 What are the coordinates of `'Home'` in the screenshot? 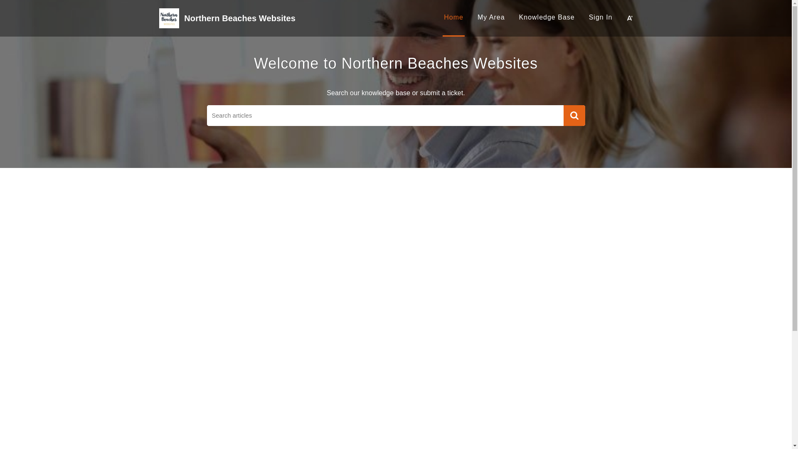 It's located at (453, 17).